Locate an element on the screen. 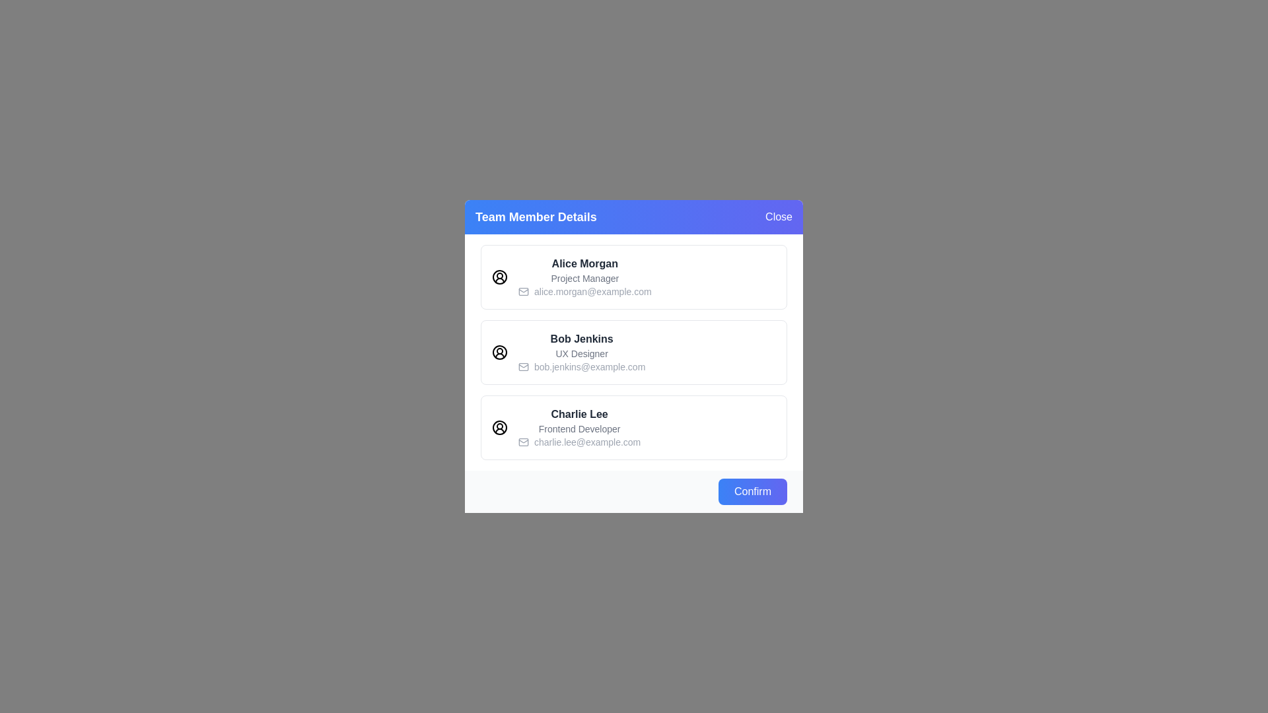  static text label displaying the job title for user 'Charlie Lee', located in the 'Team Member Details' dialog box is located at coordinates (579, 429).